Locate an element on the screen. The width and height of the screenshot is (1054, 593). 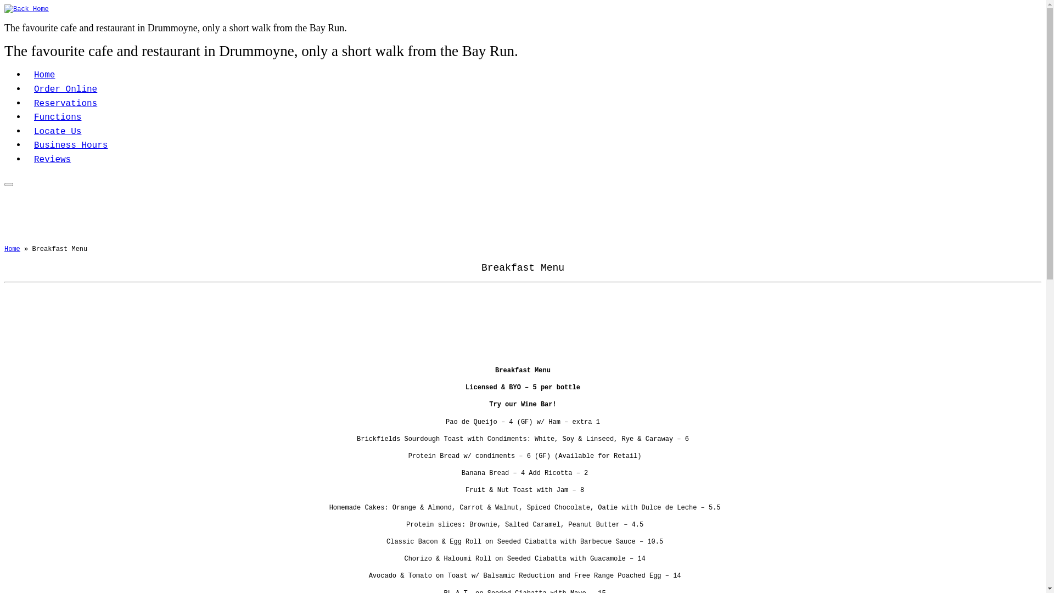
'Open the menu' is located at coordinates (8, 183).